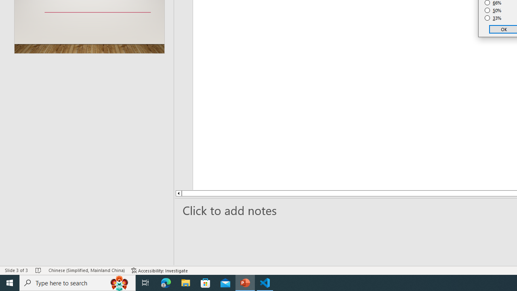 Image resolution: width=517 pixels, height=291 pixels. Describe the element at coordinates (166, 282) in the screenshot. I see `'Microsoft Edge'` at that location.